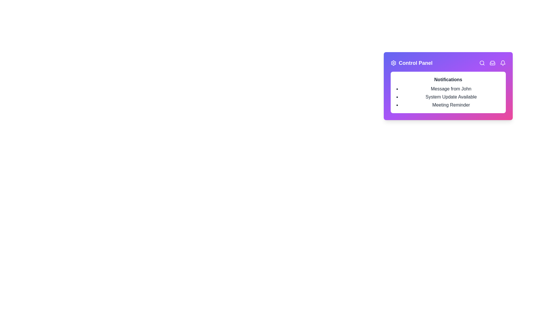 The image size is (554, 311). Describe the element at coordinates (492, 63) in the screenshot. I see `the inbox icon to open the inbox view` at that location.